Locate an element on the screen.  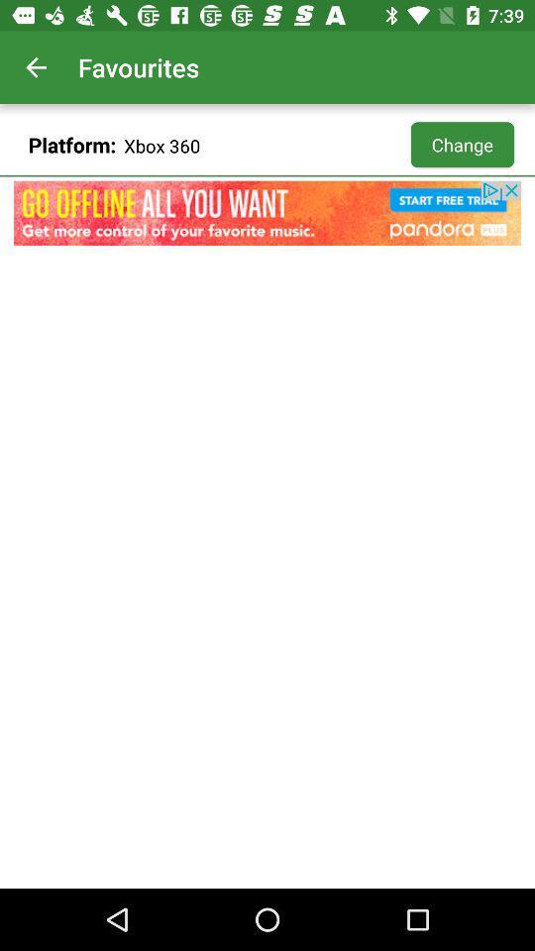
advertisement is located at coordinates (267, 213).